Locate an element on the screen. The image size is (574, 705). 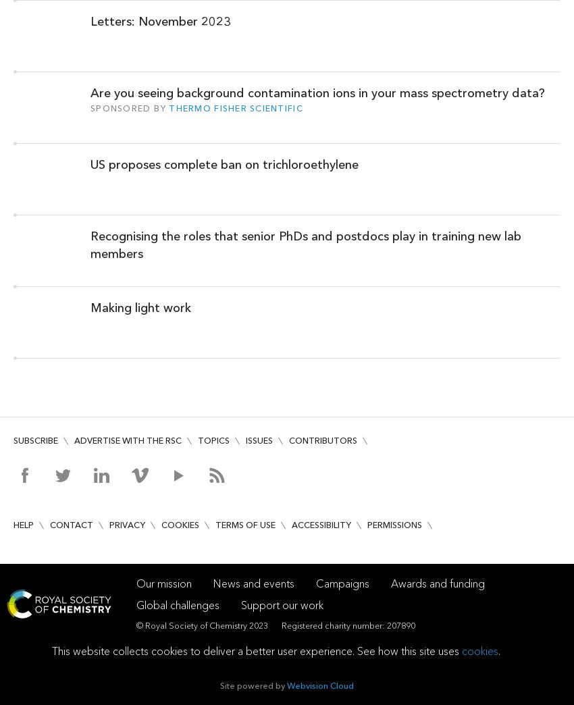
'Global challenges' is located at coordinates (177, 605).